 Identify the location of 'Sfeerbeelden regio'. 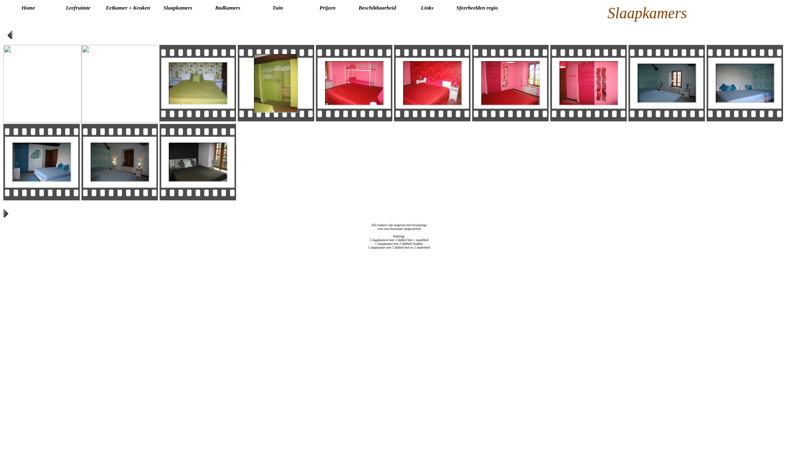
(477, 8).